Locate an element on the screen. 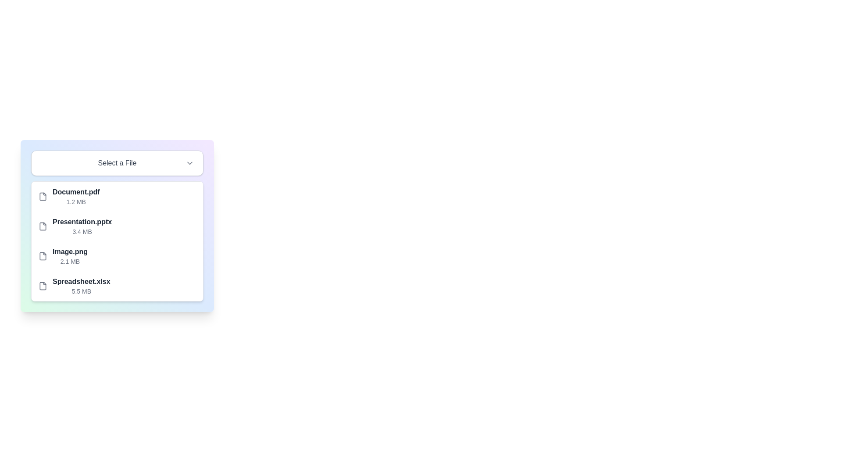 The image size is (842, 474). text label that says 'Select a File', which is styled in gray font and located inside a prominent white box near the top of the display section is located at coordinates (117, 163).